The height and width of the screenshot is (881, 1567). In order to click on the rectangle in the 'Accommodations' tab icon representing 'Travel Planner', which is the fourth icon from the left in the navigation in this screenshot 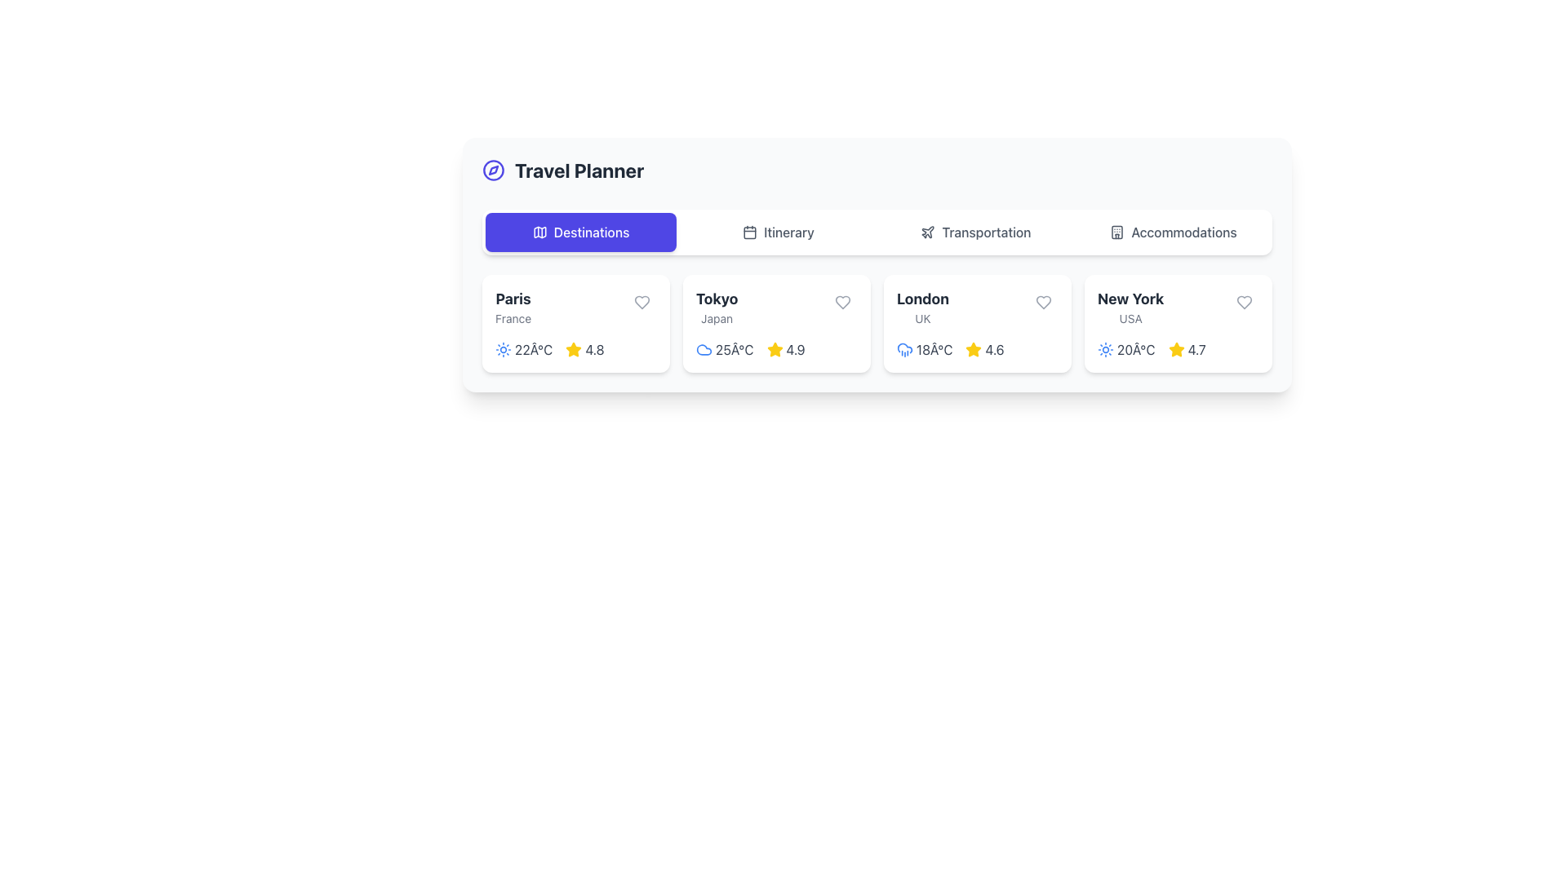, I will do `click(1116, 232)`.